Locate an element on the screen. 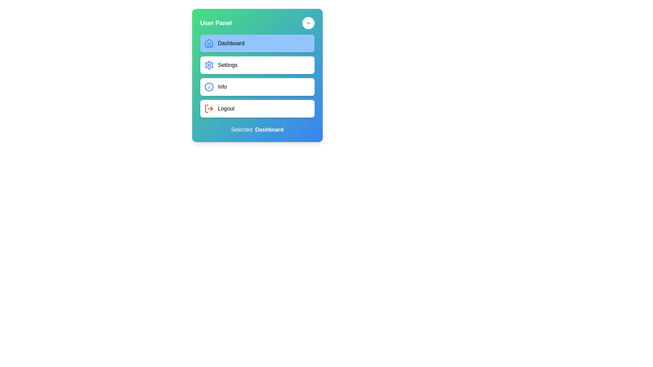 The width and height of the screenshot is (653, 367). the 'Settings' button, which is the second button in a vertical menu is located at coordinates (257, 65).